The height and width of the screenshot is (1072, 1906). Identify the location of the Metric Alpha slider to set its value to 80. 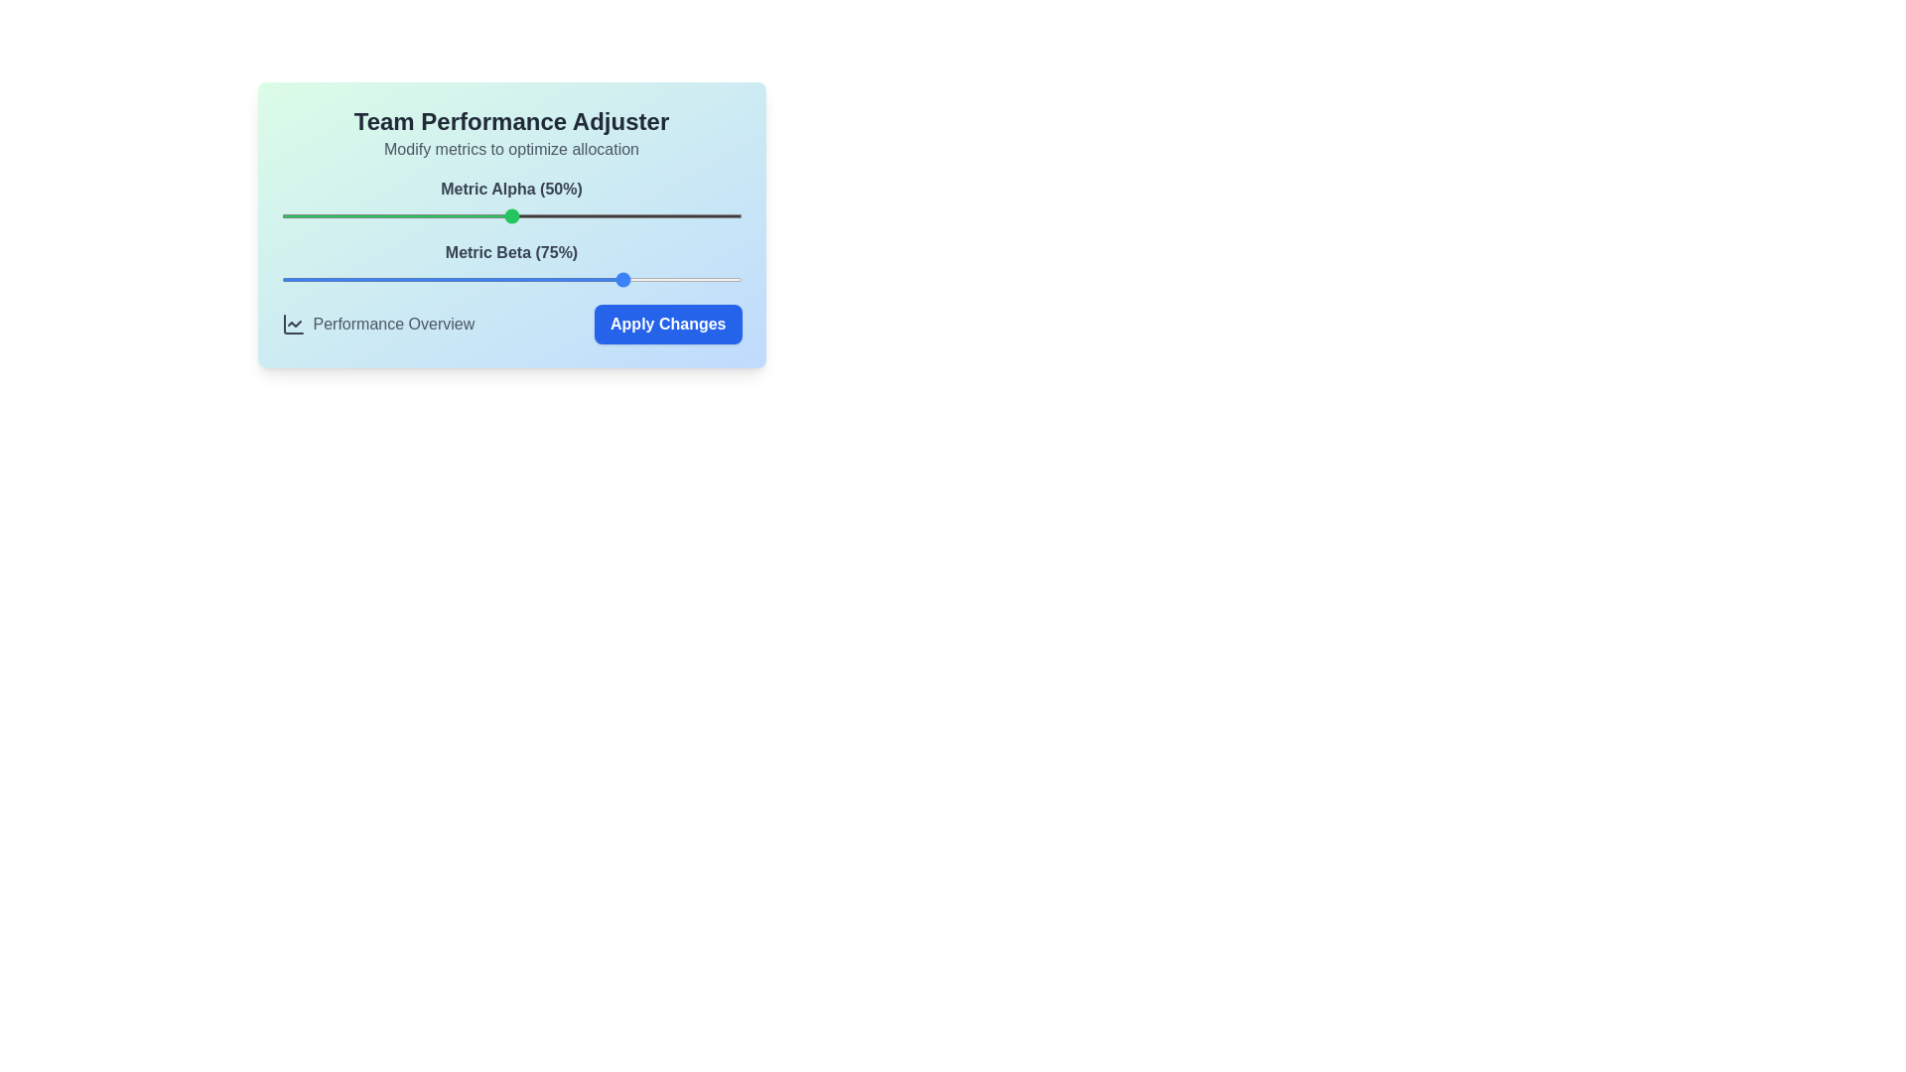
(649, 216).